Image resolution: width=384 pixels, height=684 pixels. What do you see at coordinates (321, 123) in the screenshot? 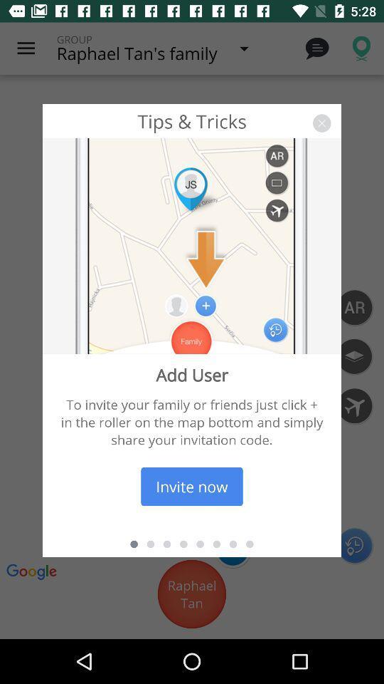
I see `choose cancel symbol` at bounding box center [321, 123].